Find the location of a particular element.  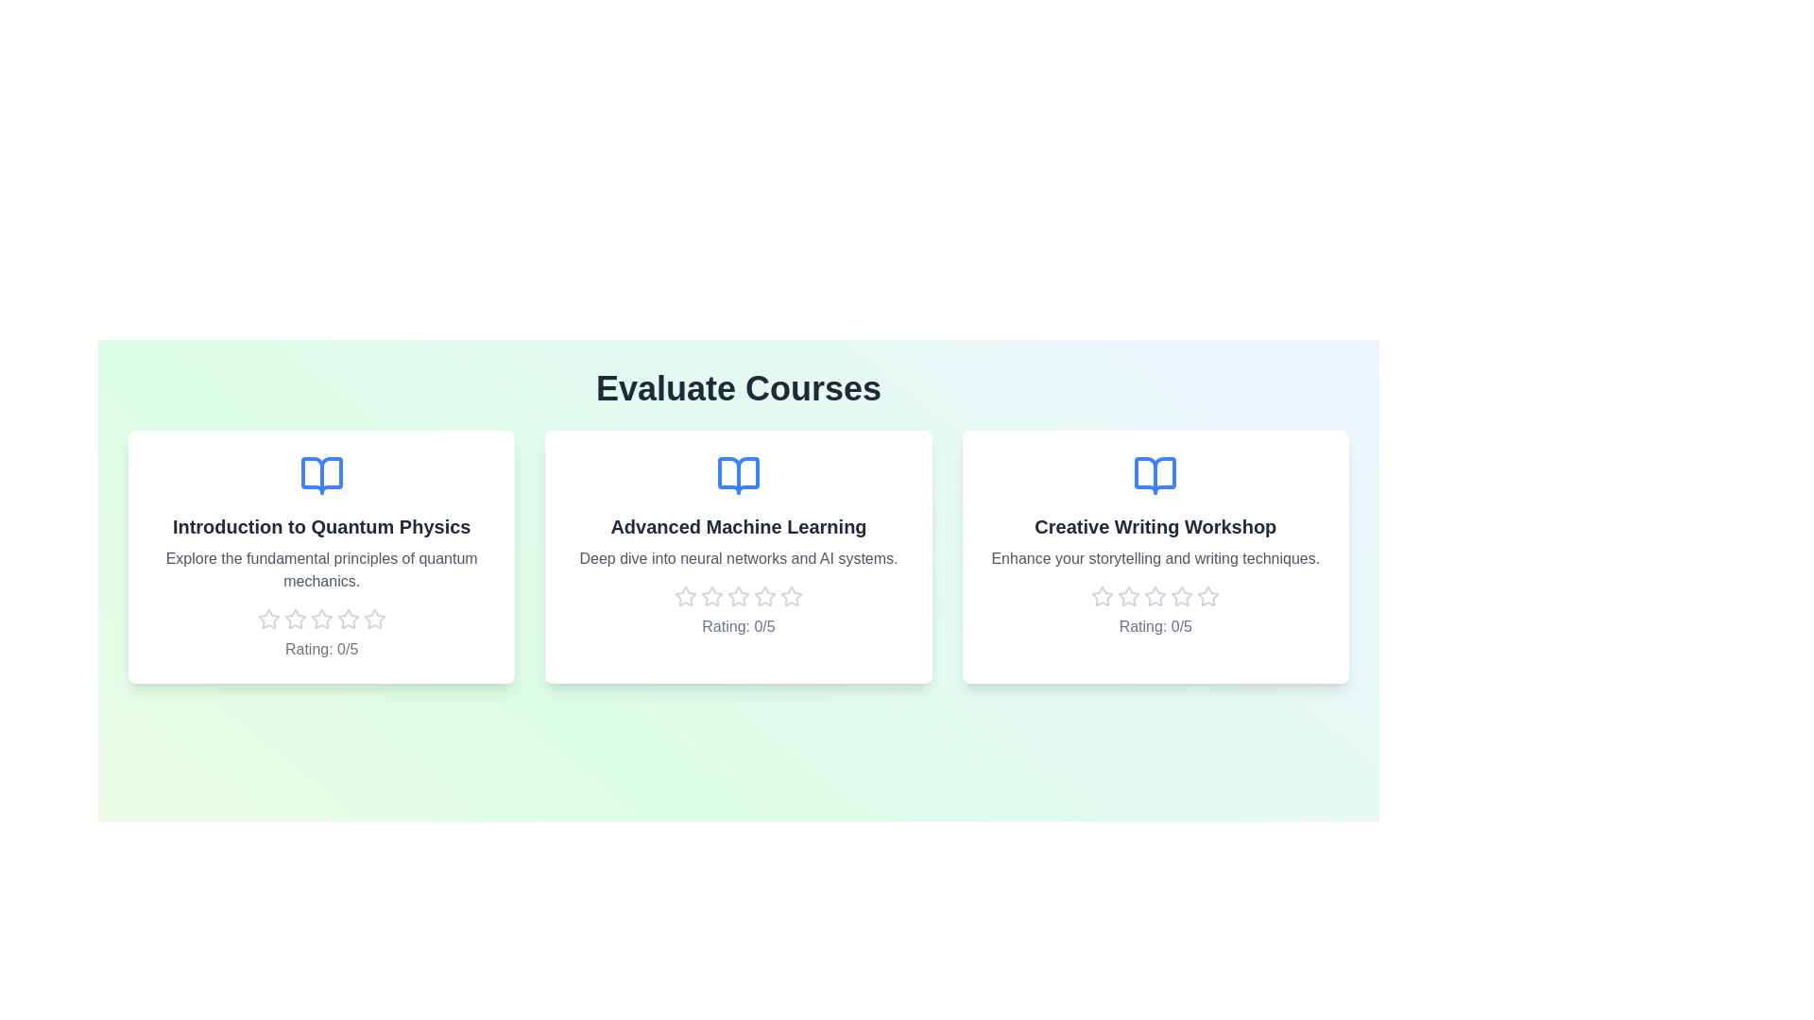

the title of the course Introduction to Quantum Physics is located at coordinates (321, 527).